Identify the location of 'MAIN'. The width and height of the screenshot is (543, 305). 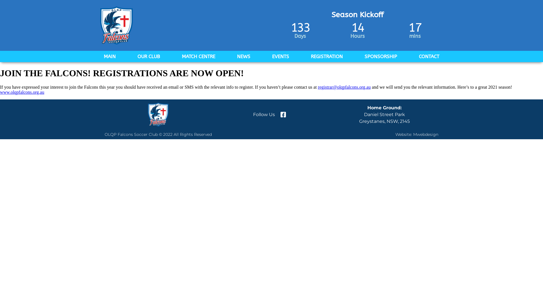
(96, 56).